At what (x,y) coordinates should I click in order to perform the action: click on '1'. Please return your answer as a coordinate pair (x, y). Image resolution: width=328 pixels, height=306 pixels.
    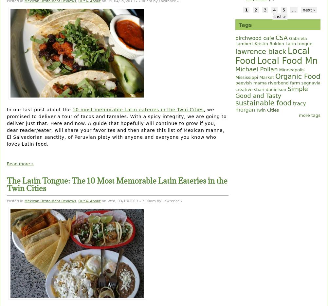
    Looking at the image, I should click on (246, 9).